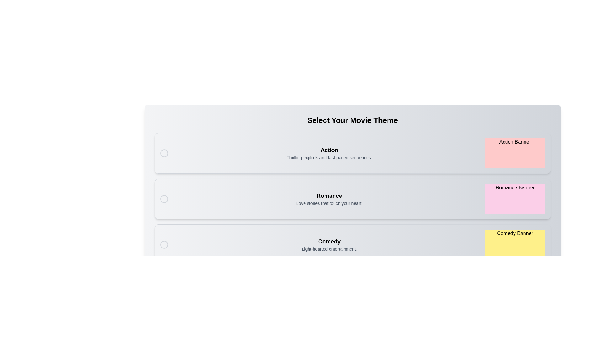  Describe the element at coordinates (164, 199) in the screenshot. I see `the radio button located in the leftmost region of the second row labeled 'Romance'` at that location.